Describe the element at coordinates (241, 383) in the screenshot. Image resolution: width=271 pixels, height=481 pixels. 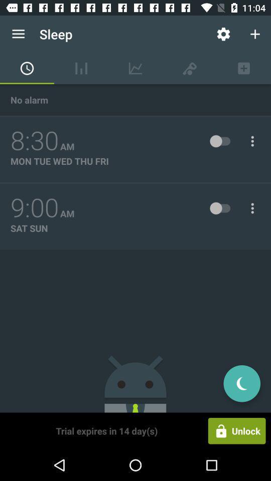
I see `snooze` at that location.